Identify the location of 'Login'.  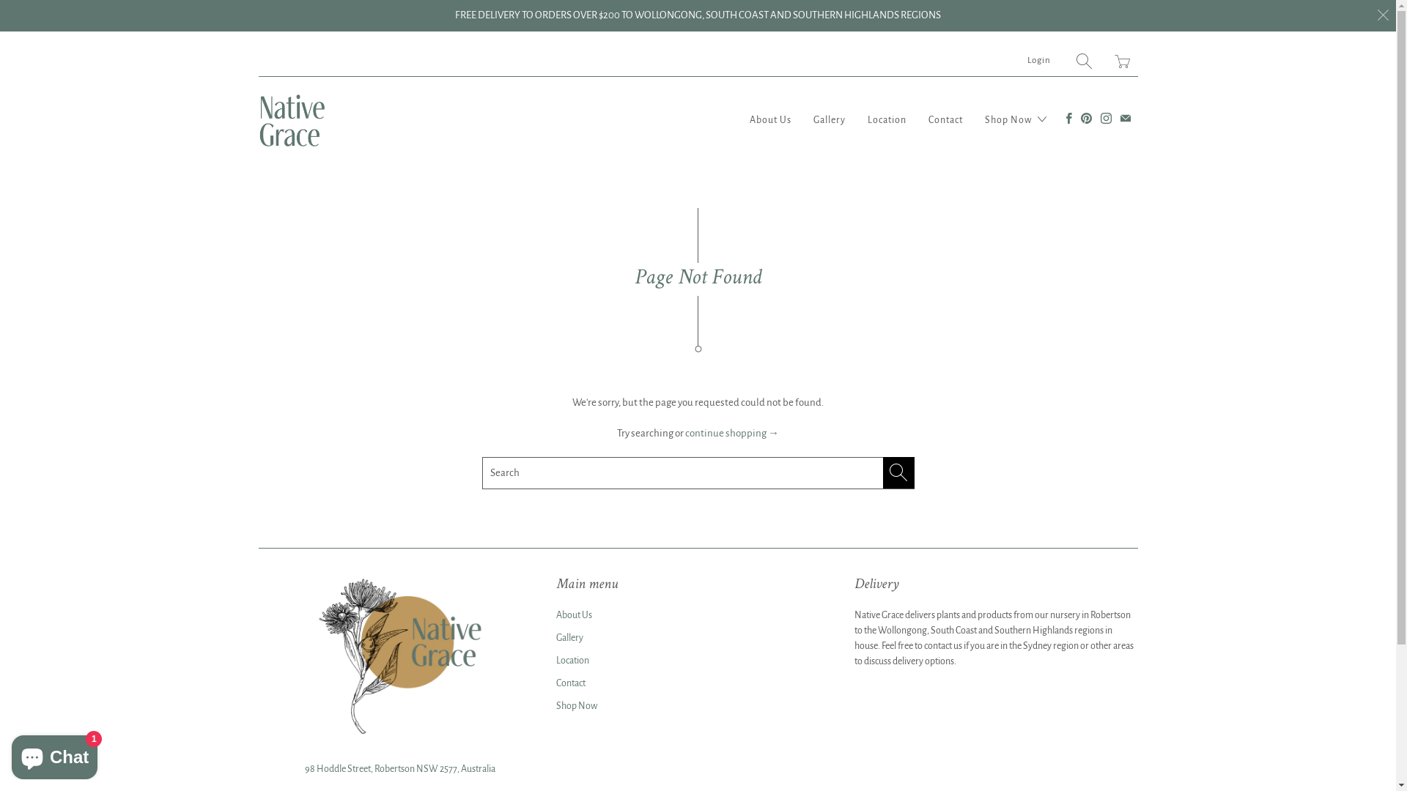
(1038, 59).